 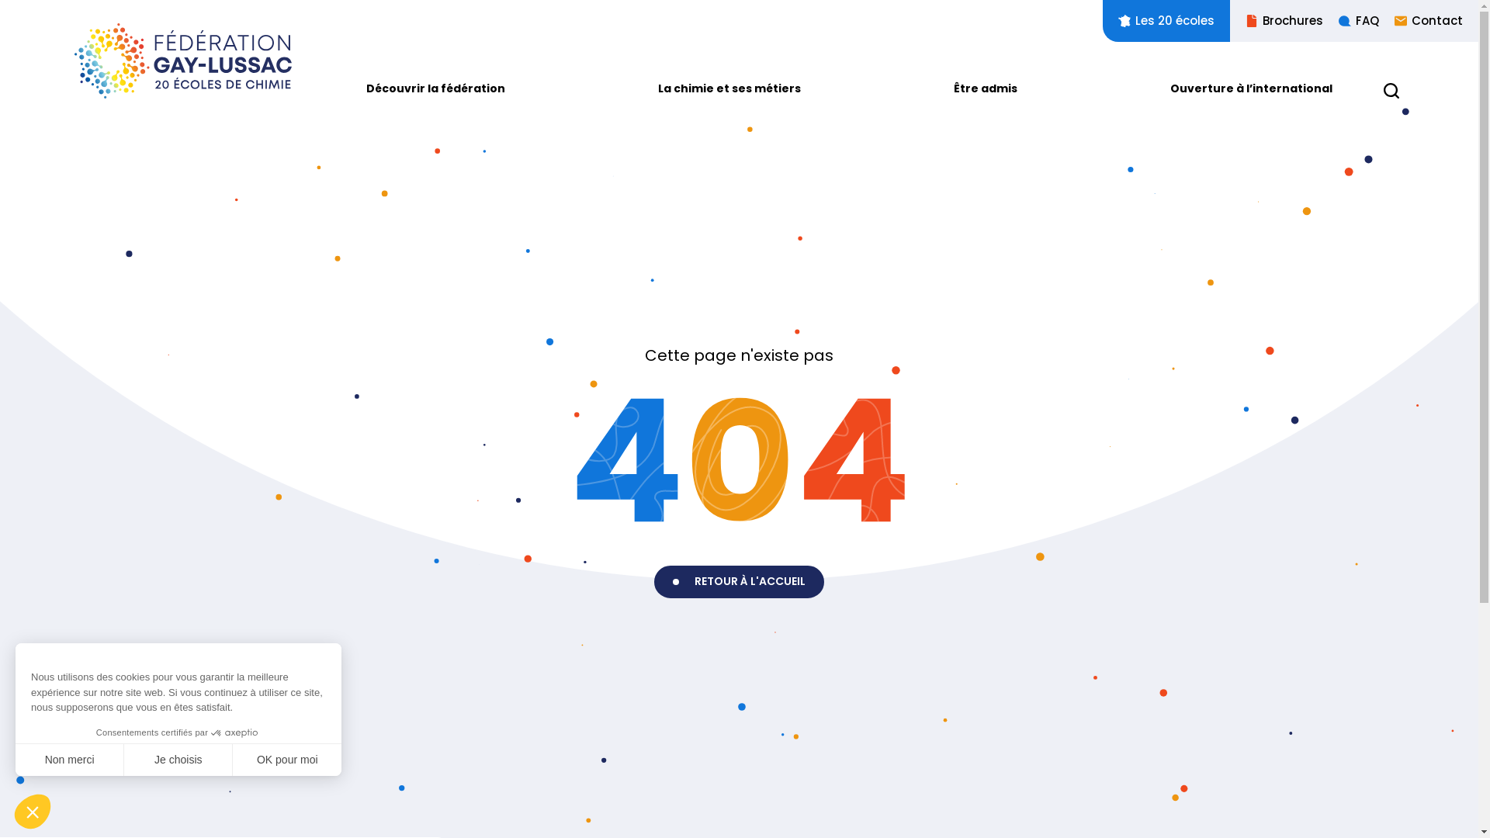 What do you see at coordinates (1277, 21) in the screenshot?
I see `'Brochures'` at bounding box center [1277, 21].